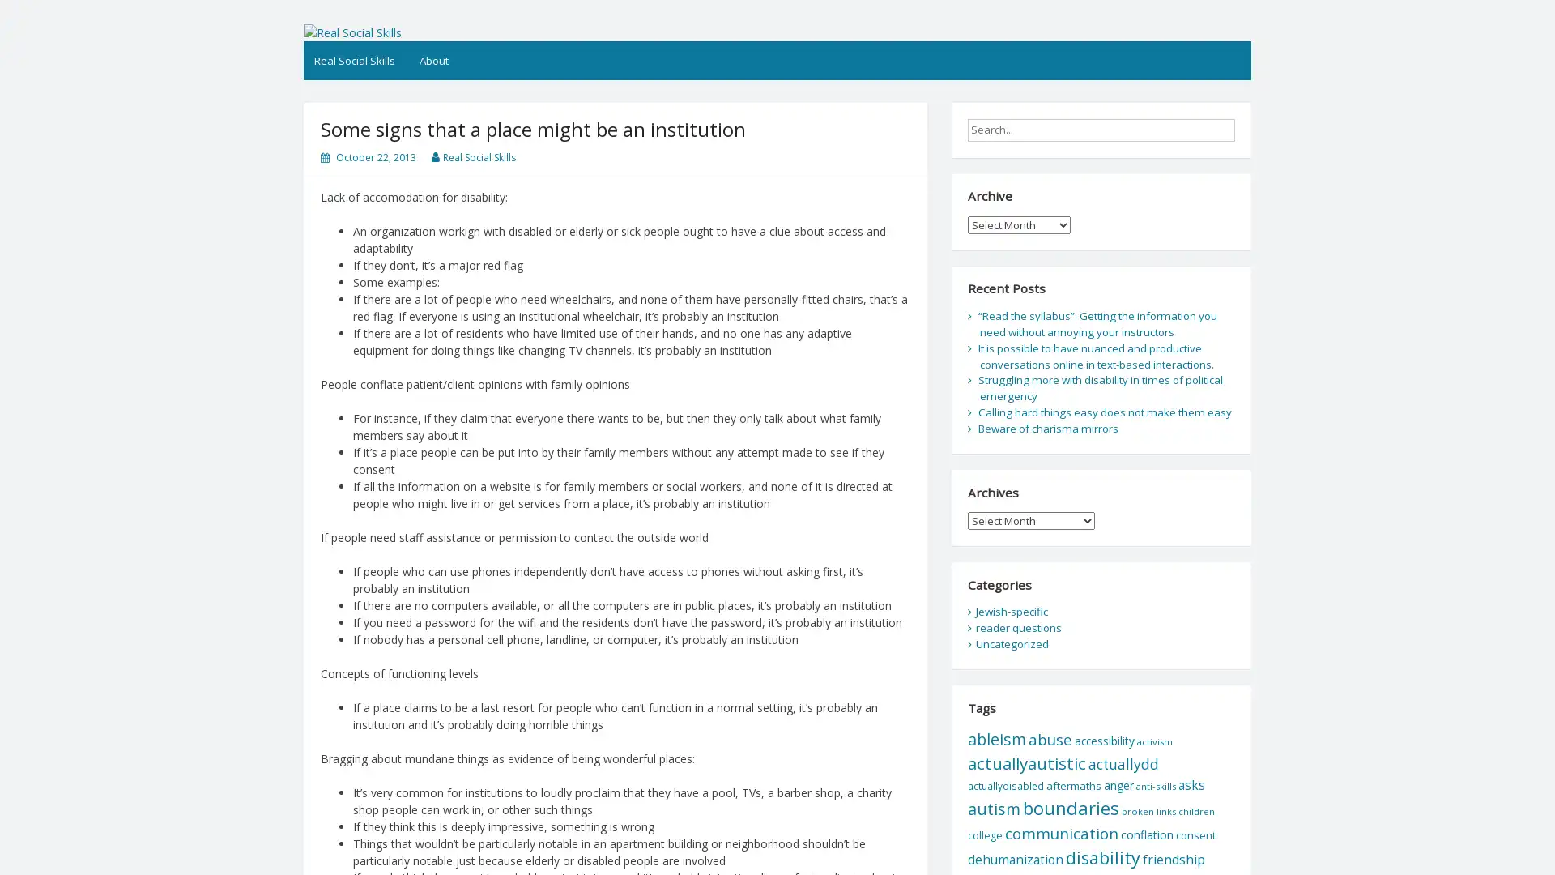 Image resolution: width=1555 pixels, height=875 pixels. Describe the element at coordinates (1247, 124) in the screenshot. I see `Search` at that location.